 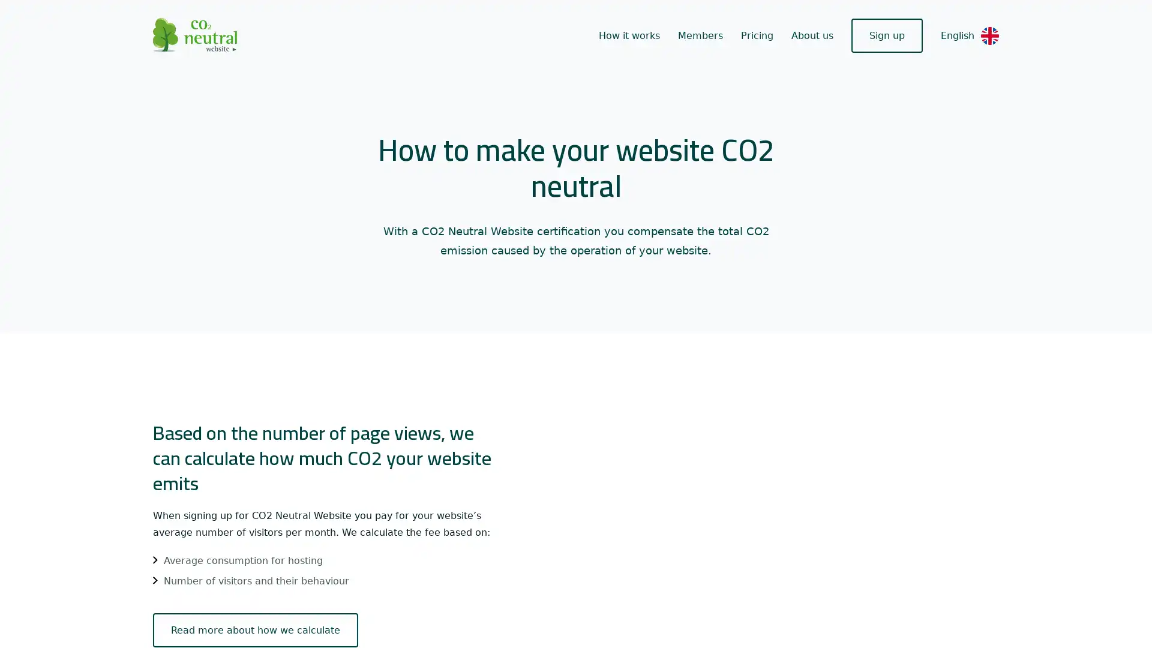 What do you see at coordinates (246, 629) in the screenshot?
I see `Read more about how we calculate` at bounding box center [246, 629].